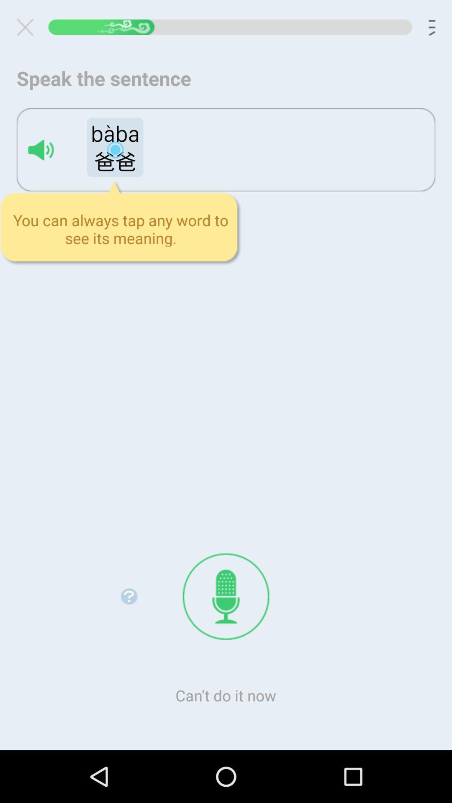  What do you see at coordinates (28, 29) in the screenshot?
I see `the close icon` at bounding box center [28, 29].